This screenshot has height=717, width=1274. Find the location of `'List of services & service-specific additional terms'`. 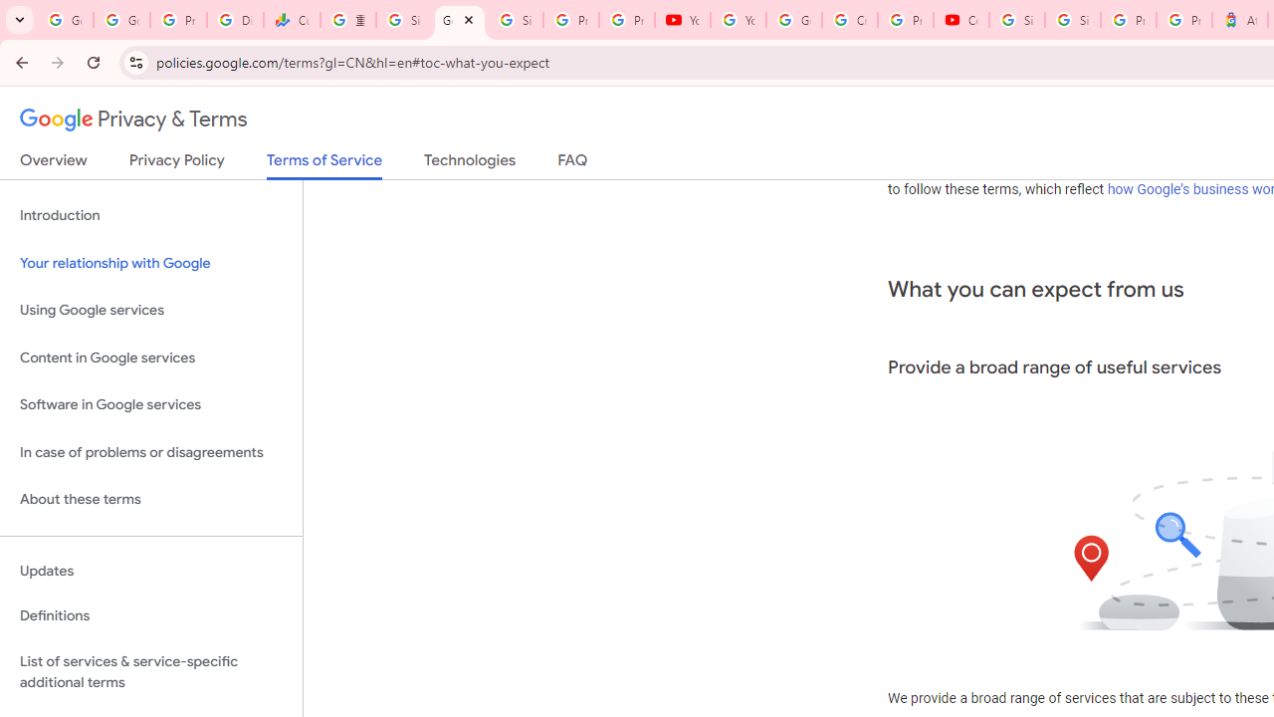

'List of services & service-specific additional terms' is located at coordinates (150, 672).